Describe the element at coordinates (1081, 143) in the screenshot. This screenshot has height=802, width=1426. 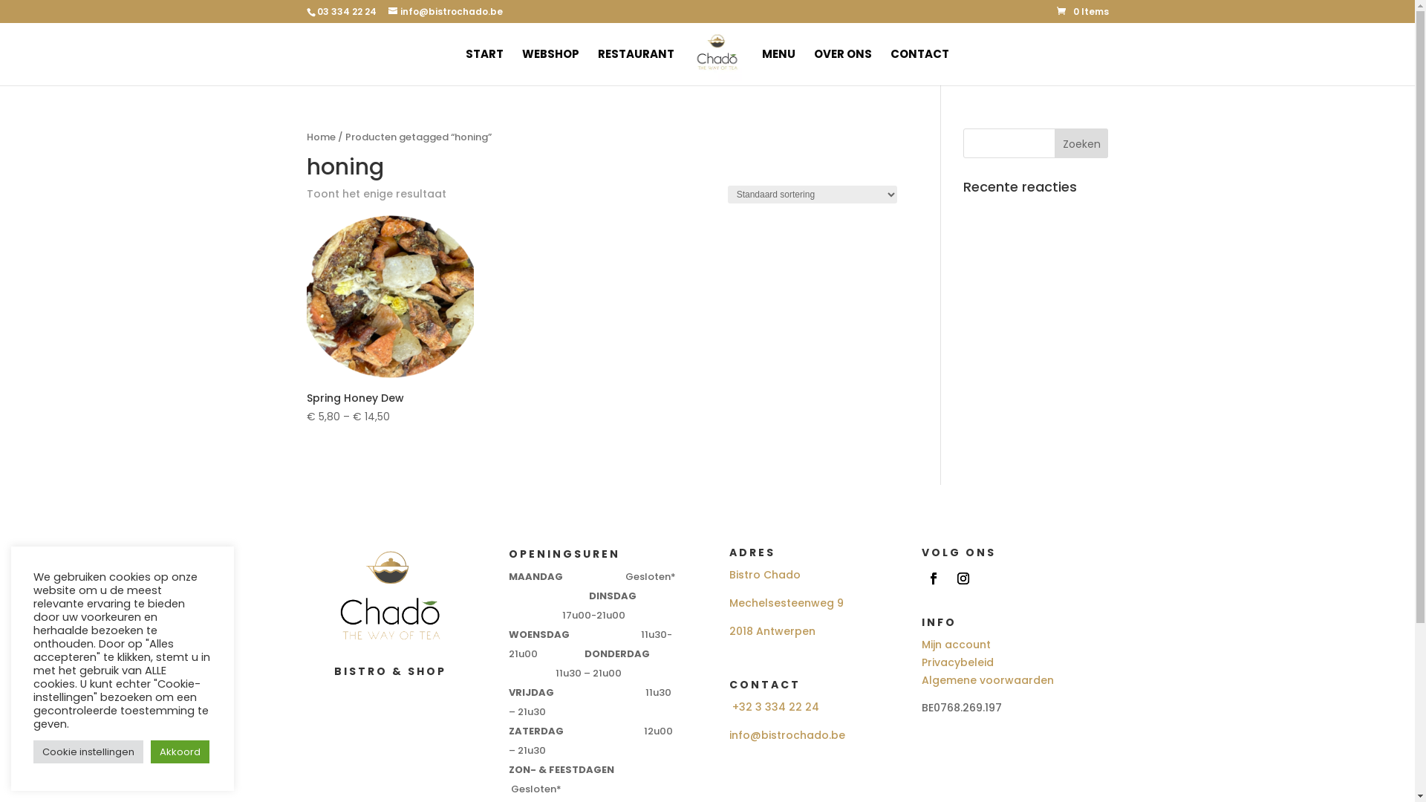
I see `'Zoeken'` at that location.